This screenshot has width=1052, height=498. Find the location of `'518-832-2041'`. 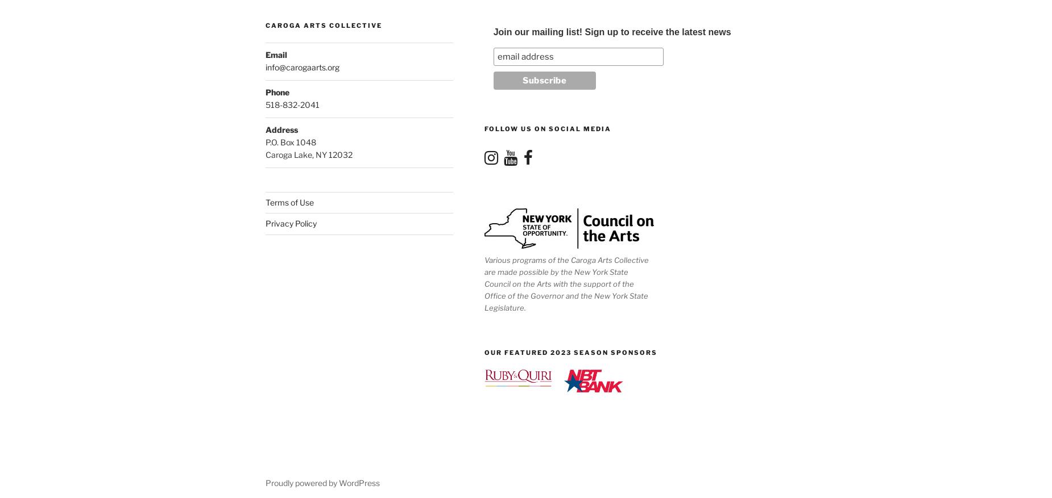

'518-832-2041' is located at coordinates (265, 104).